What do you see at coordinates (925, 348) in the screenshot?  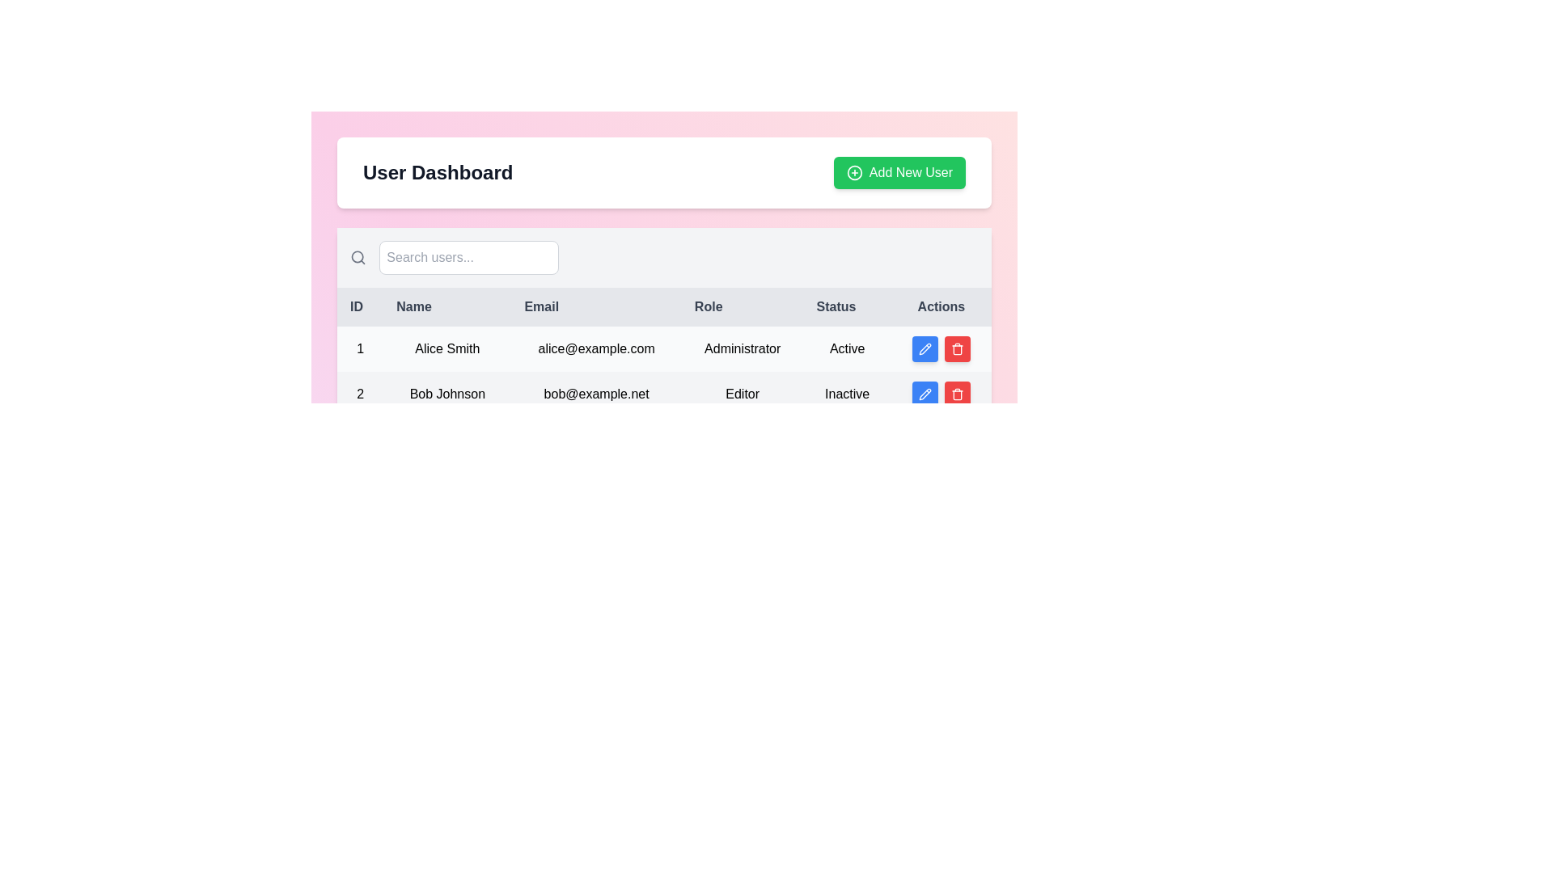 I see `the 'Edit' button in the 'Actions' column of the second row for user 'Bob Johnson' to initiate an edit operation` at bounding box center [925, 348].